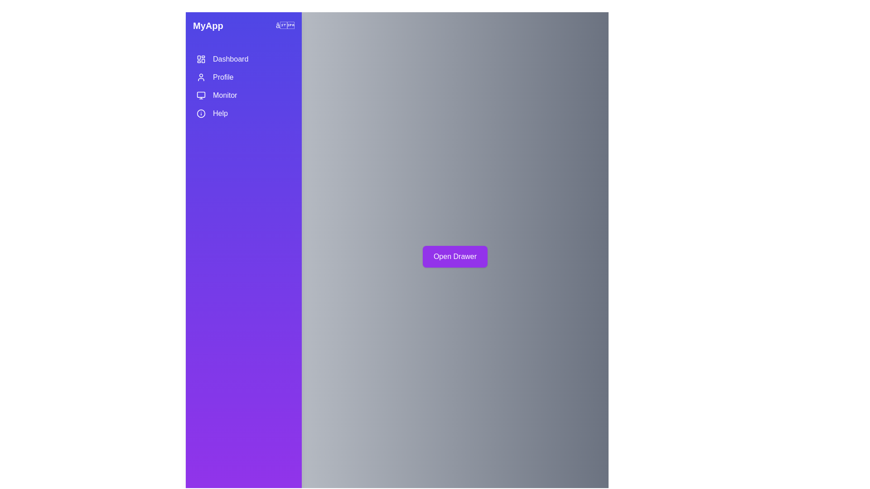  I want to click on the menu item Dashboard by clicking on it, so click(243, 59).